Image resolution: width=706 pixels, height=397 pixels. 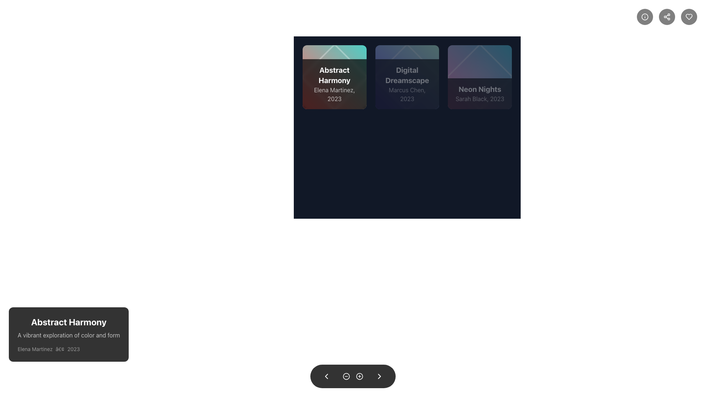 I want to click on the text display element titled 'Digital Dreamscape', which is prominently featured in bold white text on a dark background within the second card of three horizontally arranged cards, so click(x=407, y=75).